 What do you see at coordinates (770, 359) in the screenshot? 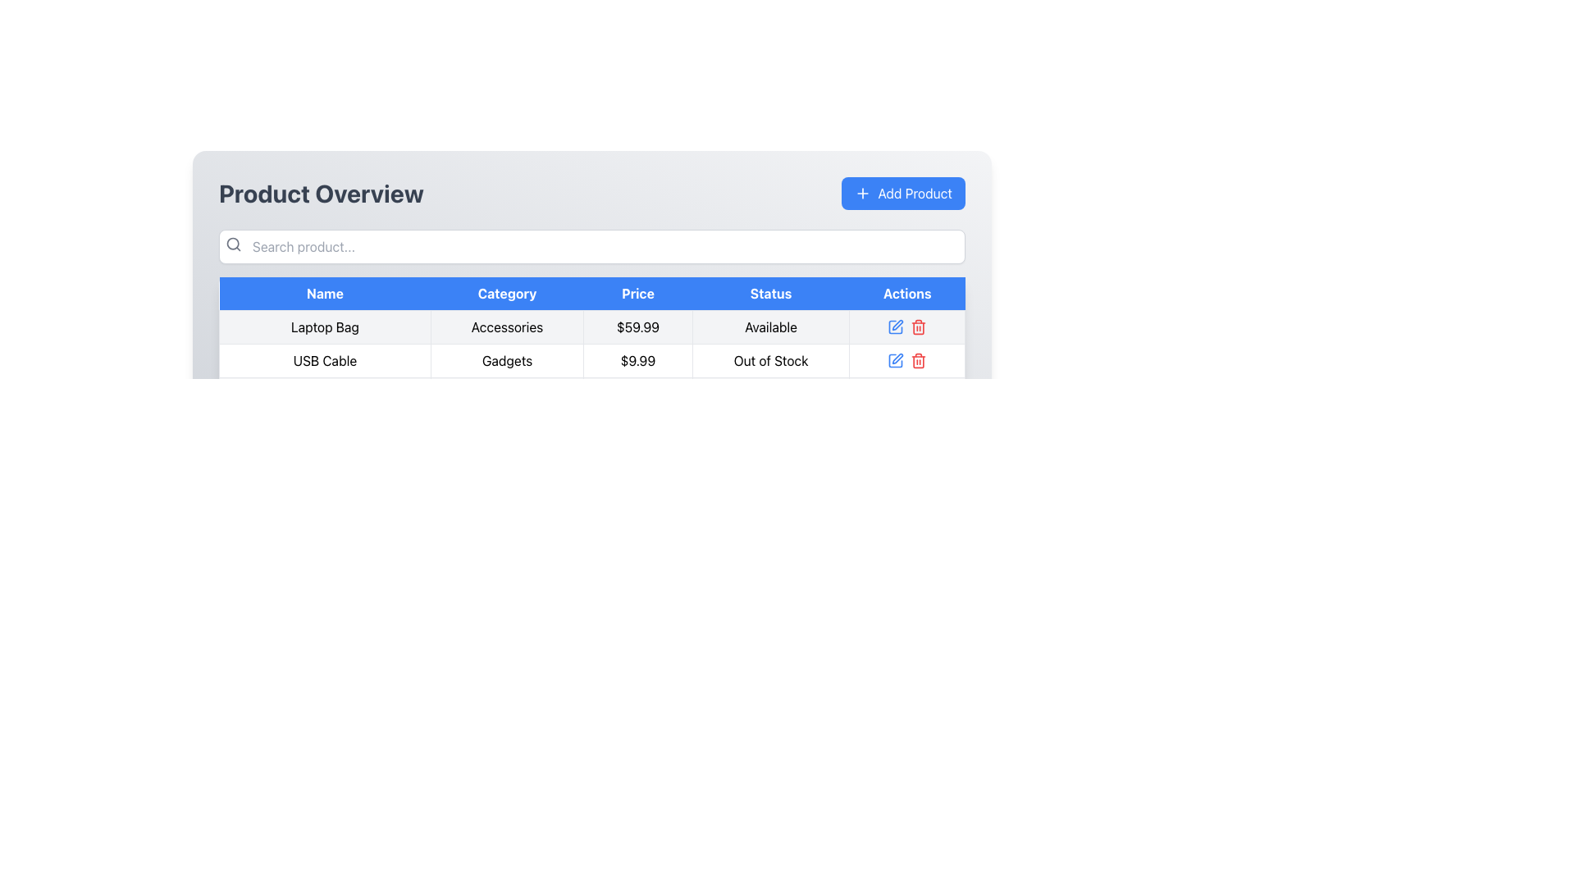
I see `the 'Out of Stock' static text label located in the fourth column of the table, specifically in the second row under the 'Status' header` at bounding box center [770, 359].